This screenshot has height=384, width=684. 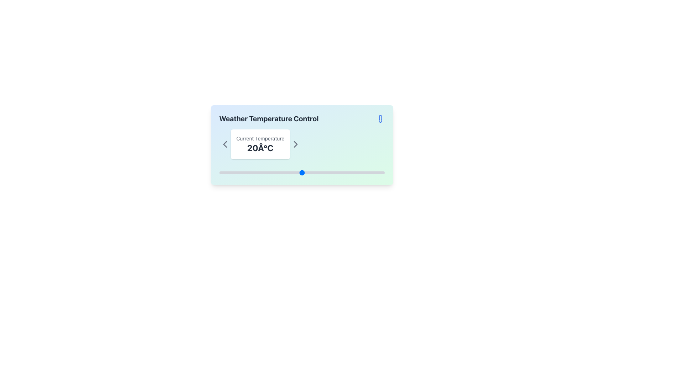 What do you see at coordinates (223, 173) in the screenshot?
I see `temperature` at bounding box center [223, 173].